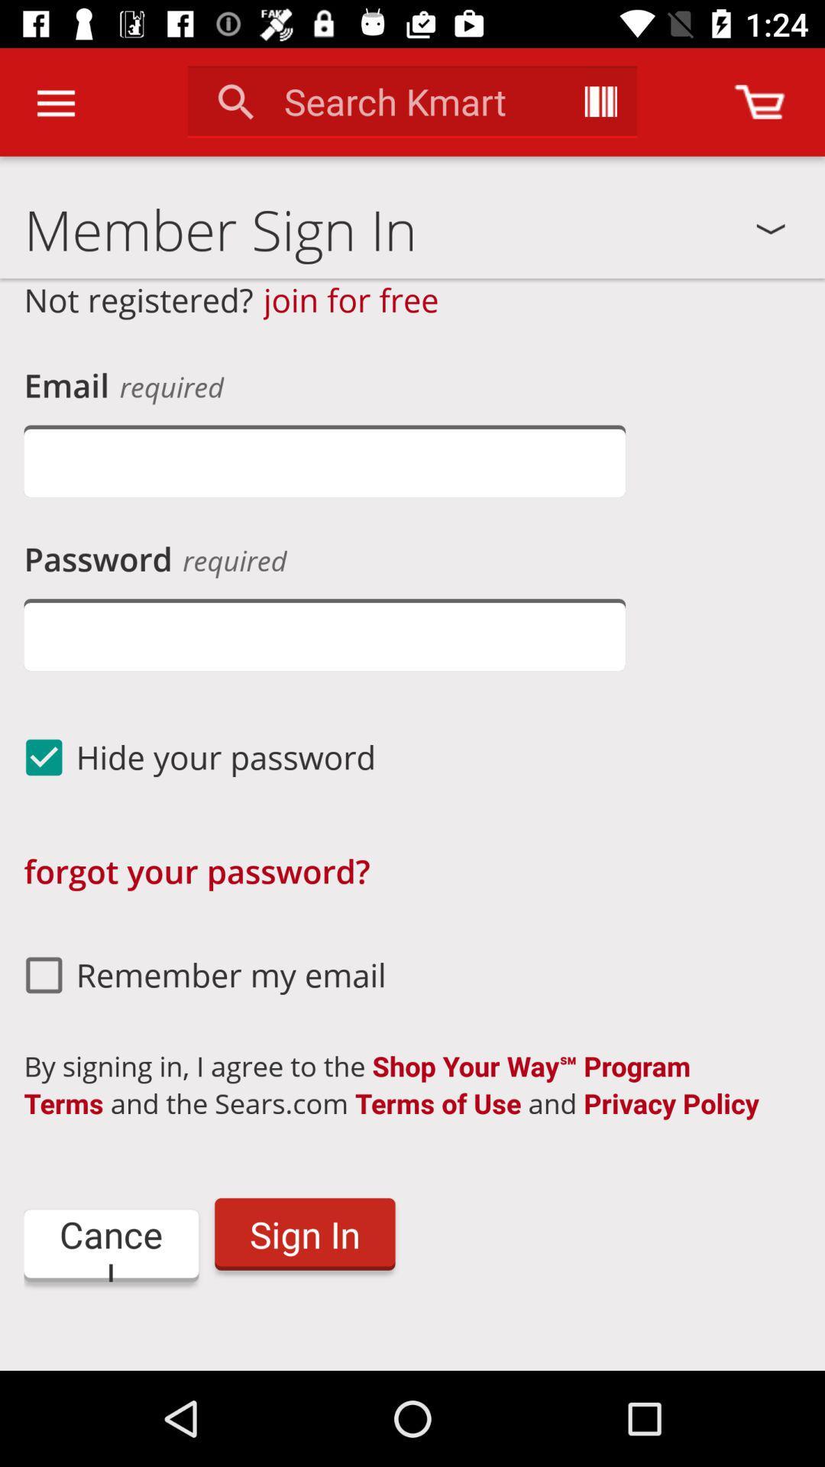  What do you see at coordinates (198, 974) in the screenshot?
I see `remember my email icon` at bounding box center [198, 974].